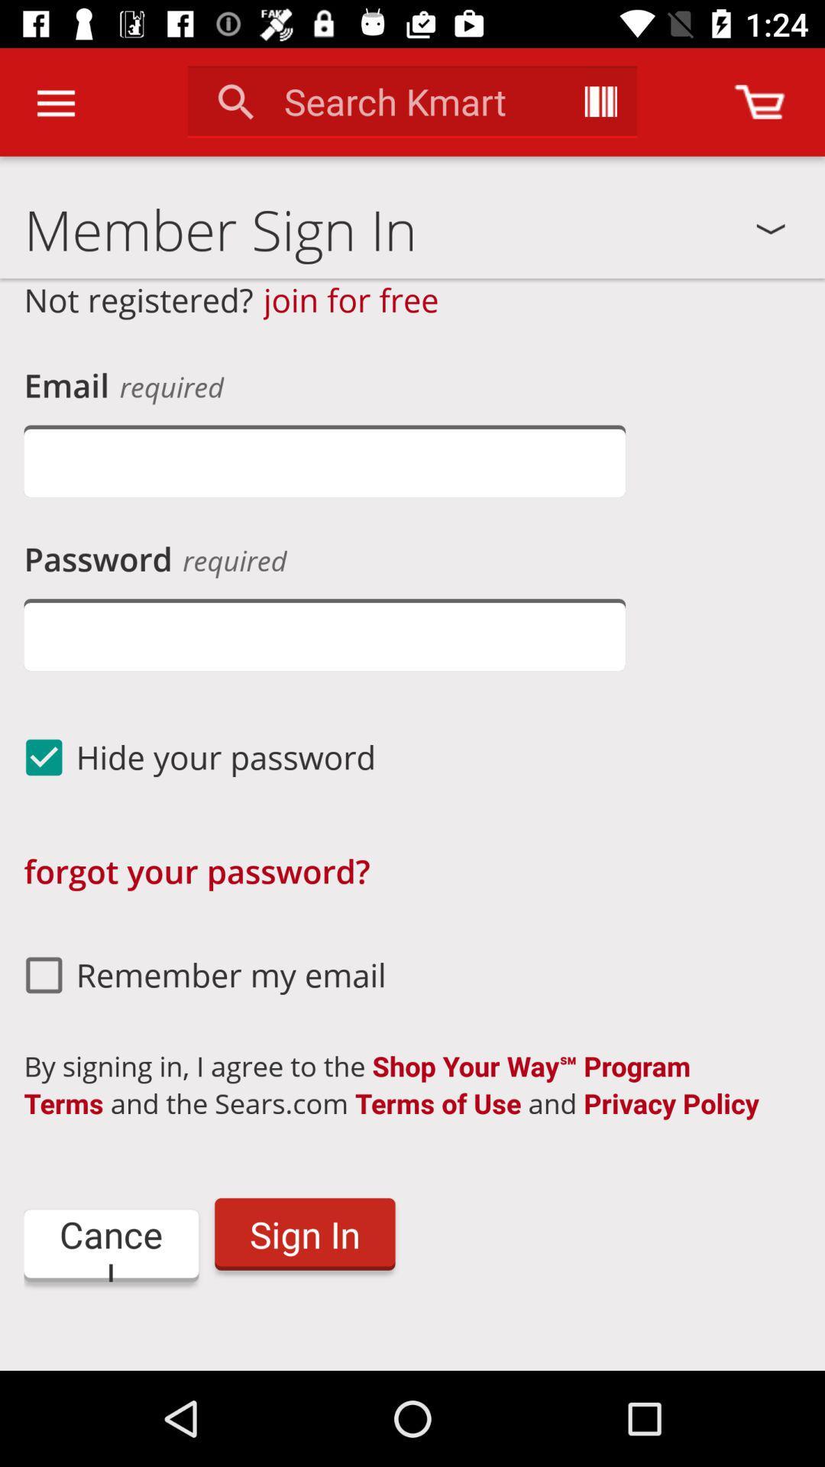  What do you see at coordinates (198, 974) in the screenshot?
I see `remember my email icon` at bounding box center [198, 974].